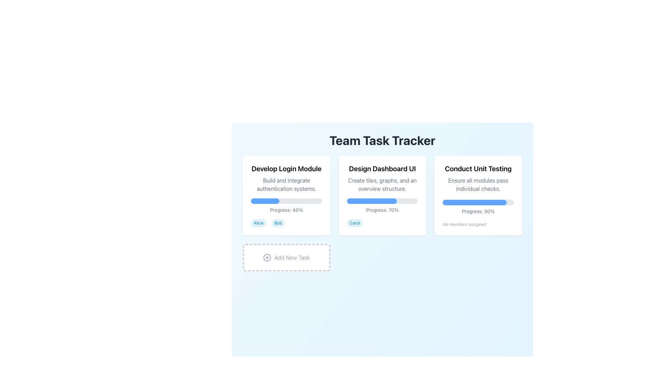 The height and width of the screenshot is (372, 663). Describe the element at coordinates (259, 201) in the screenshot. I see `the progress bar value` at that location.